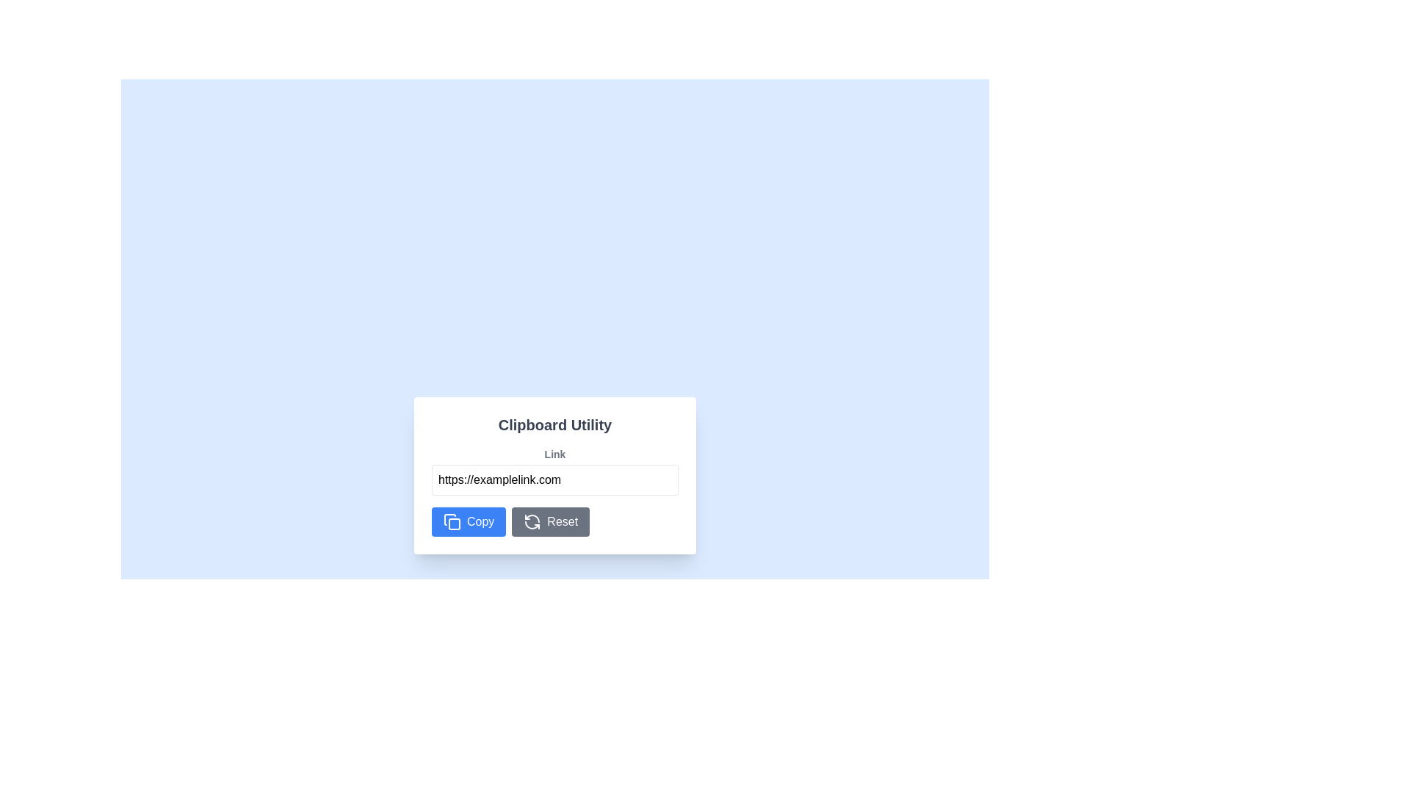 The width and height of the screenshot is (1410, 793). What do you see at coordinates (532, 521) in the screenshot?
I see `the refresh icon located within the 'Reset' button, positioned to the left of the button's text label` at bounding box center [532, 521].